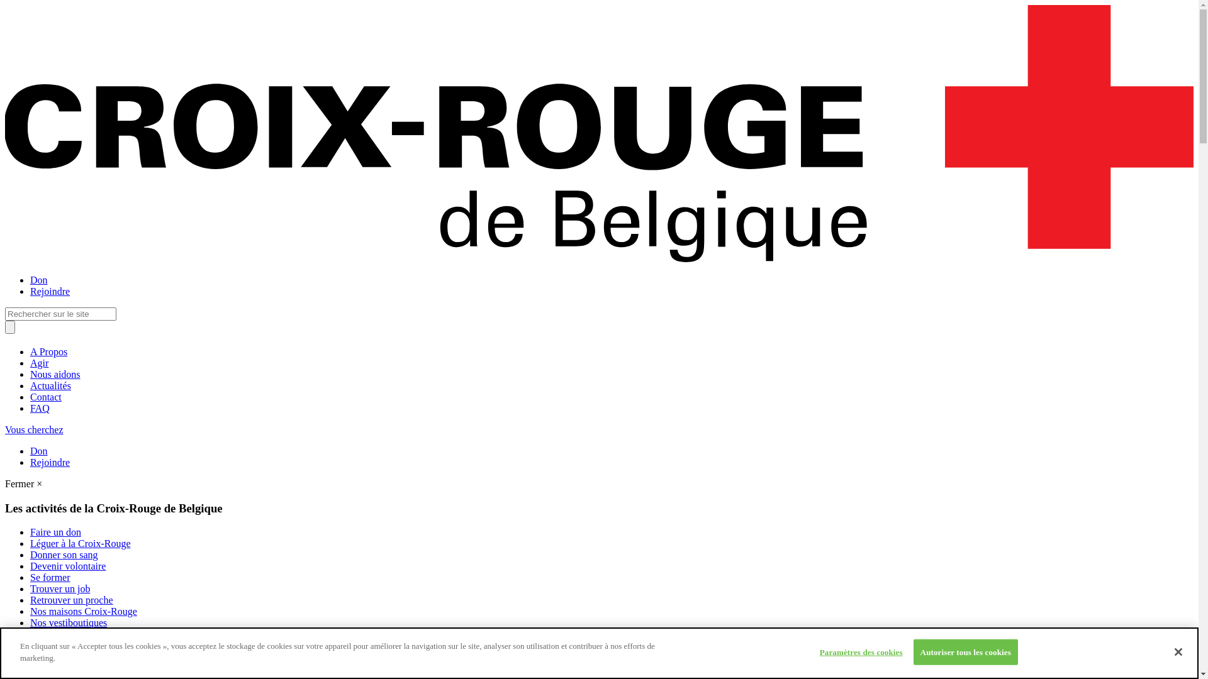  I want to click on 'Devenir volontaire', so click(67, 566).